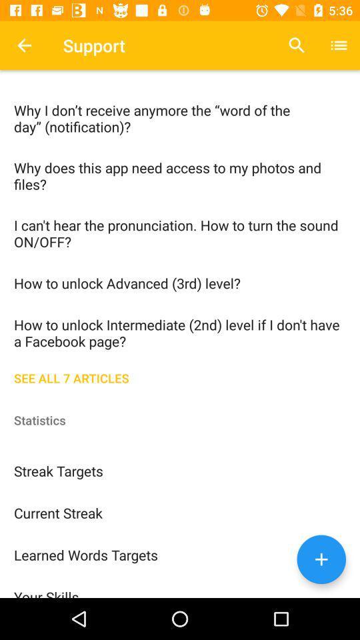 The image size is (360, 640). What do you see at coordinates (180, 511) in the screenshot?
I see `item below streak targets` at bounding box center [180, 511].